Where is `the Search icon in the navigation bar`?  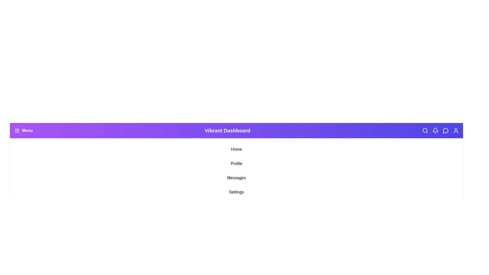 the Search icon in the navigation bar is located at coordinates (425, 130).